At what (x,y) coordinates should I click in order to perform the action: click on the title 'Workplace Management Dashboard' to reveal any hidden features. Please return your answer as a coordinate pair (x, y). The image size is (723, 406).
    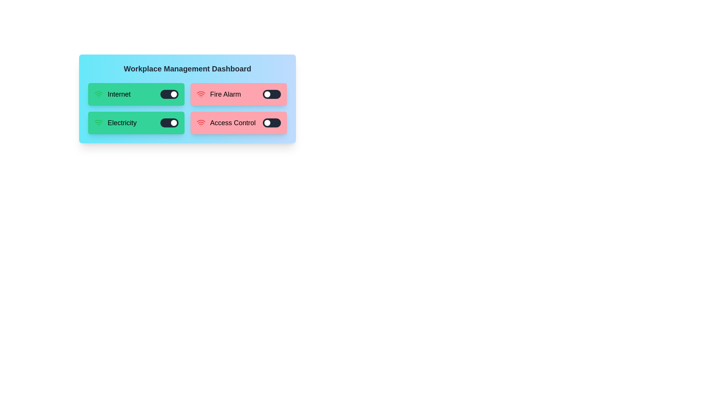
    Looking at the image, I should click on (188, 68).